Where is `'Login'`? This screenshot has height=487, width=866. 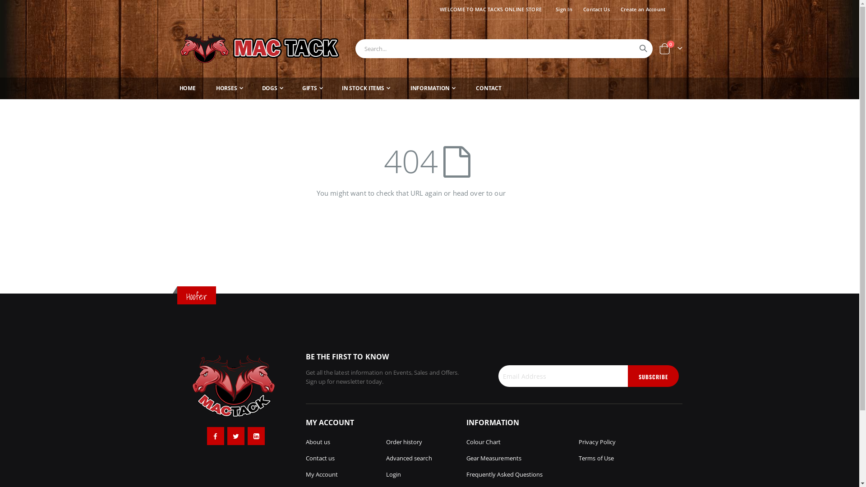 'Login' is located at coordinates (393, 474).